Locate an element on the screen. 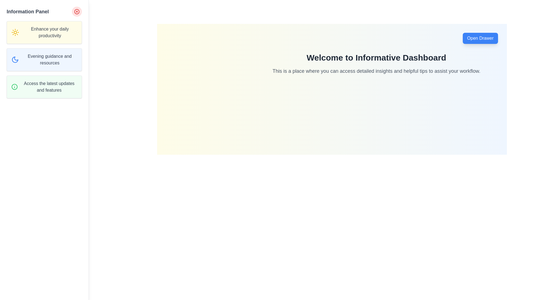  the close button located in the top-right corner of the 'Information Panel' section is located at coordinates (77, 12).